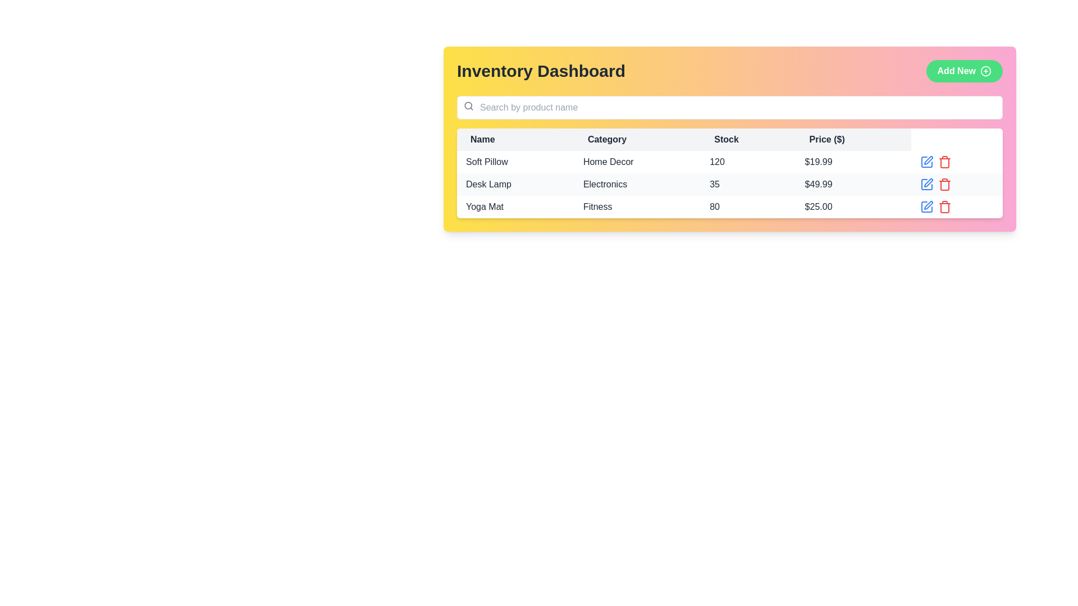  What do you see at coordinates (730, 183) in the screenshot?
I see `the second row of the inventory table, which provides information about the product, positioned between the first row (Soft Pillow) and the third row (Yoga Mat)` at bounding box center [730, 183].